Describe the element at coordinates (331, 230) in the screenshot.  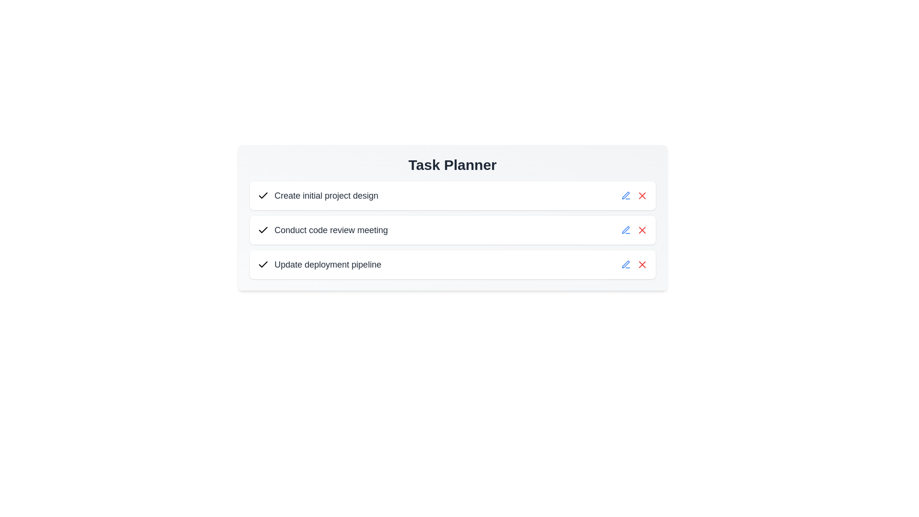
I see `the text label that represents a specific task, located in the second task row of the vertical task list, positioned to the right of a checkmark icon` at that location.